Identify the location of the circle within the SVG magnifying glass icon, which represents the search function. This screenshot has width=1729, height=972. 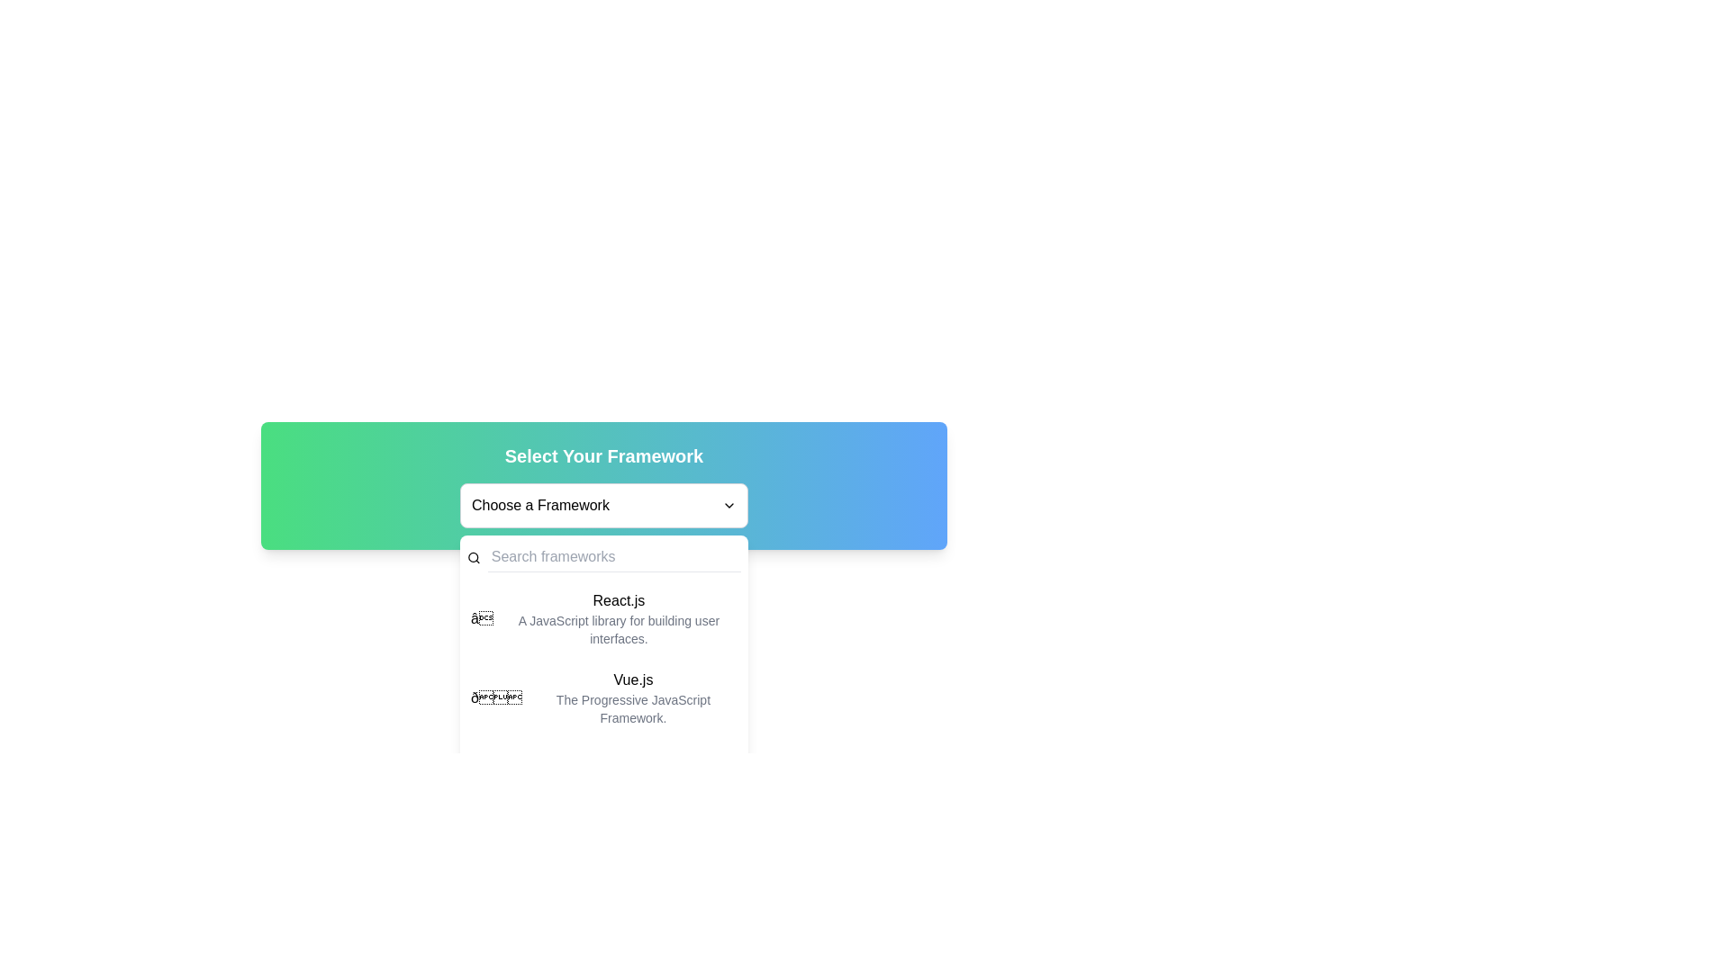
(473, 555).